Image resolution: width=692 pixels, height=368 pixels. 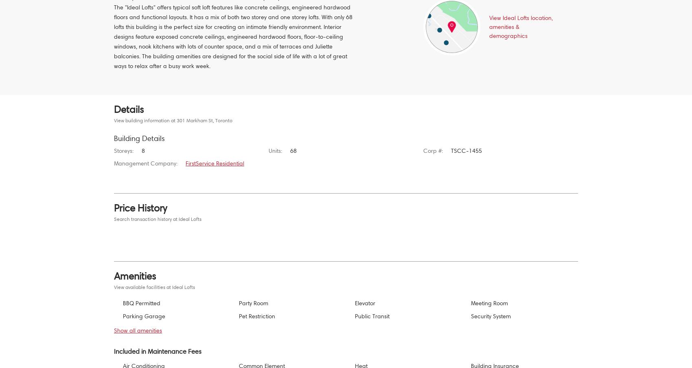 What do you see at coordinates (489, 303) in the screenshot?
I see `'Meeting Room'` at bounding box center [489, 303].